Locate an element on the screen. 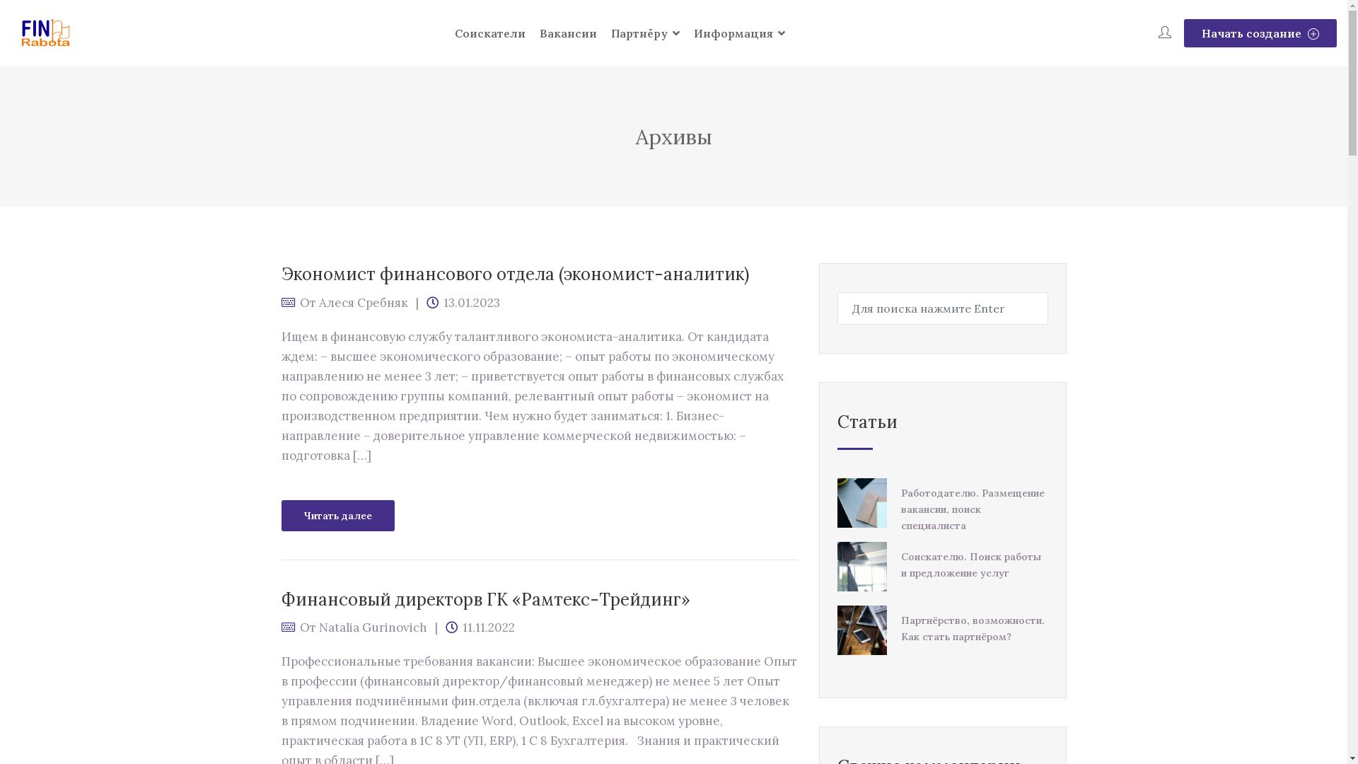  'Natalia Gurinovich' is located at coordinates (372, 627).